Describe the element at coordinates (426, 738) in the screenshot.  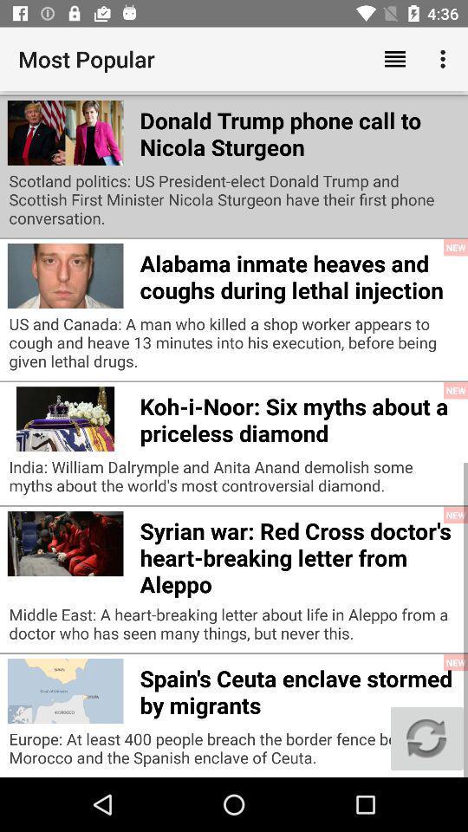
I see `the item below the new app` at that location.